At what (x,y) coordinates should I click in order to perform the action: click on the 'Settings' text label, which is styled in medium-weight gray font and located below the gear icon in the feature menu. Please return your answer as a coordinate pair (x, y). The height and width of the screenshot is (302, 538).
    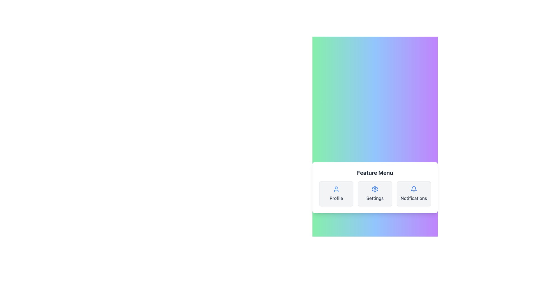
    Looking at the image, I should click on (375, 198).